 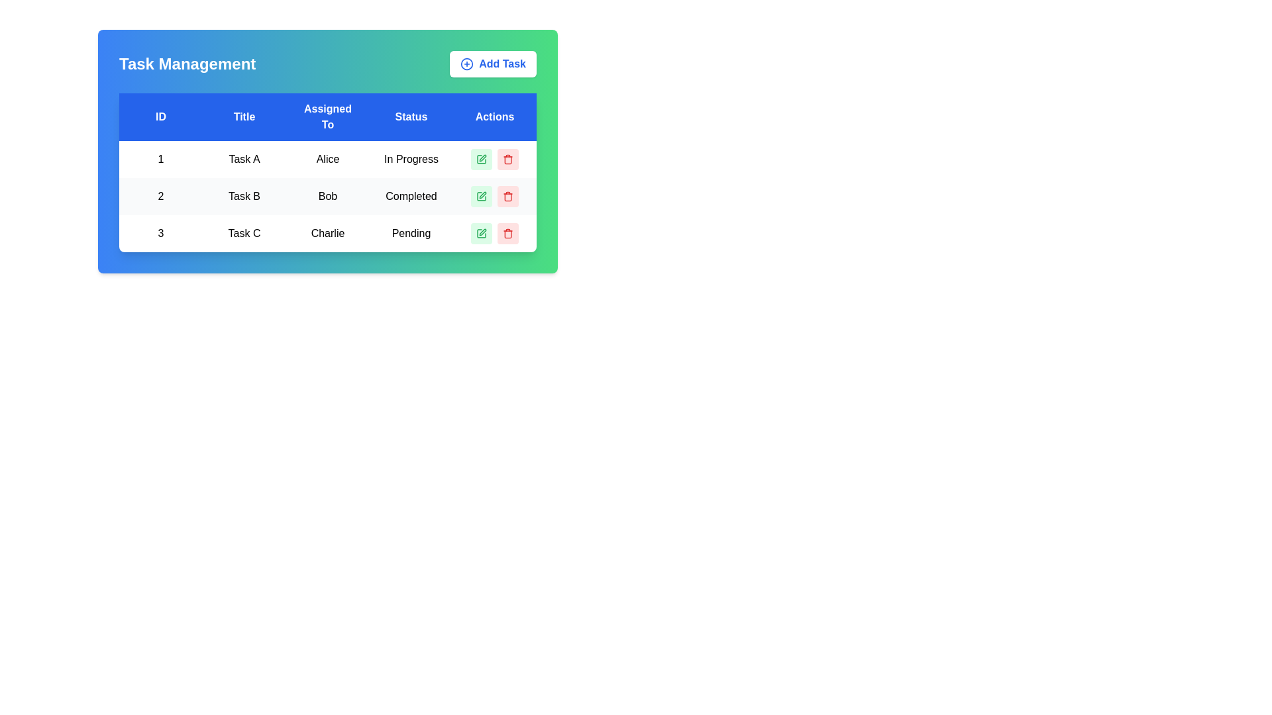 I want to click on the green pen icon within the SVG that serves as an edit button in the first row of the Actions column, so click(x=482, y=158).